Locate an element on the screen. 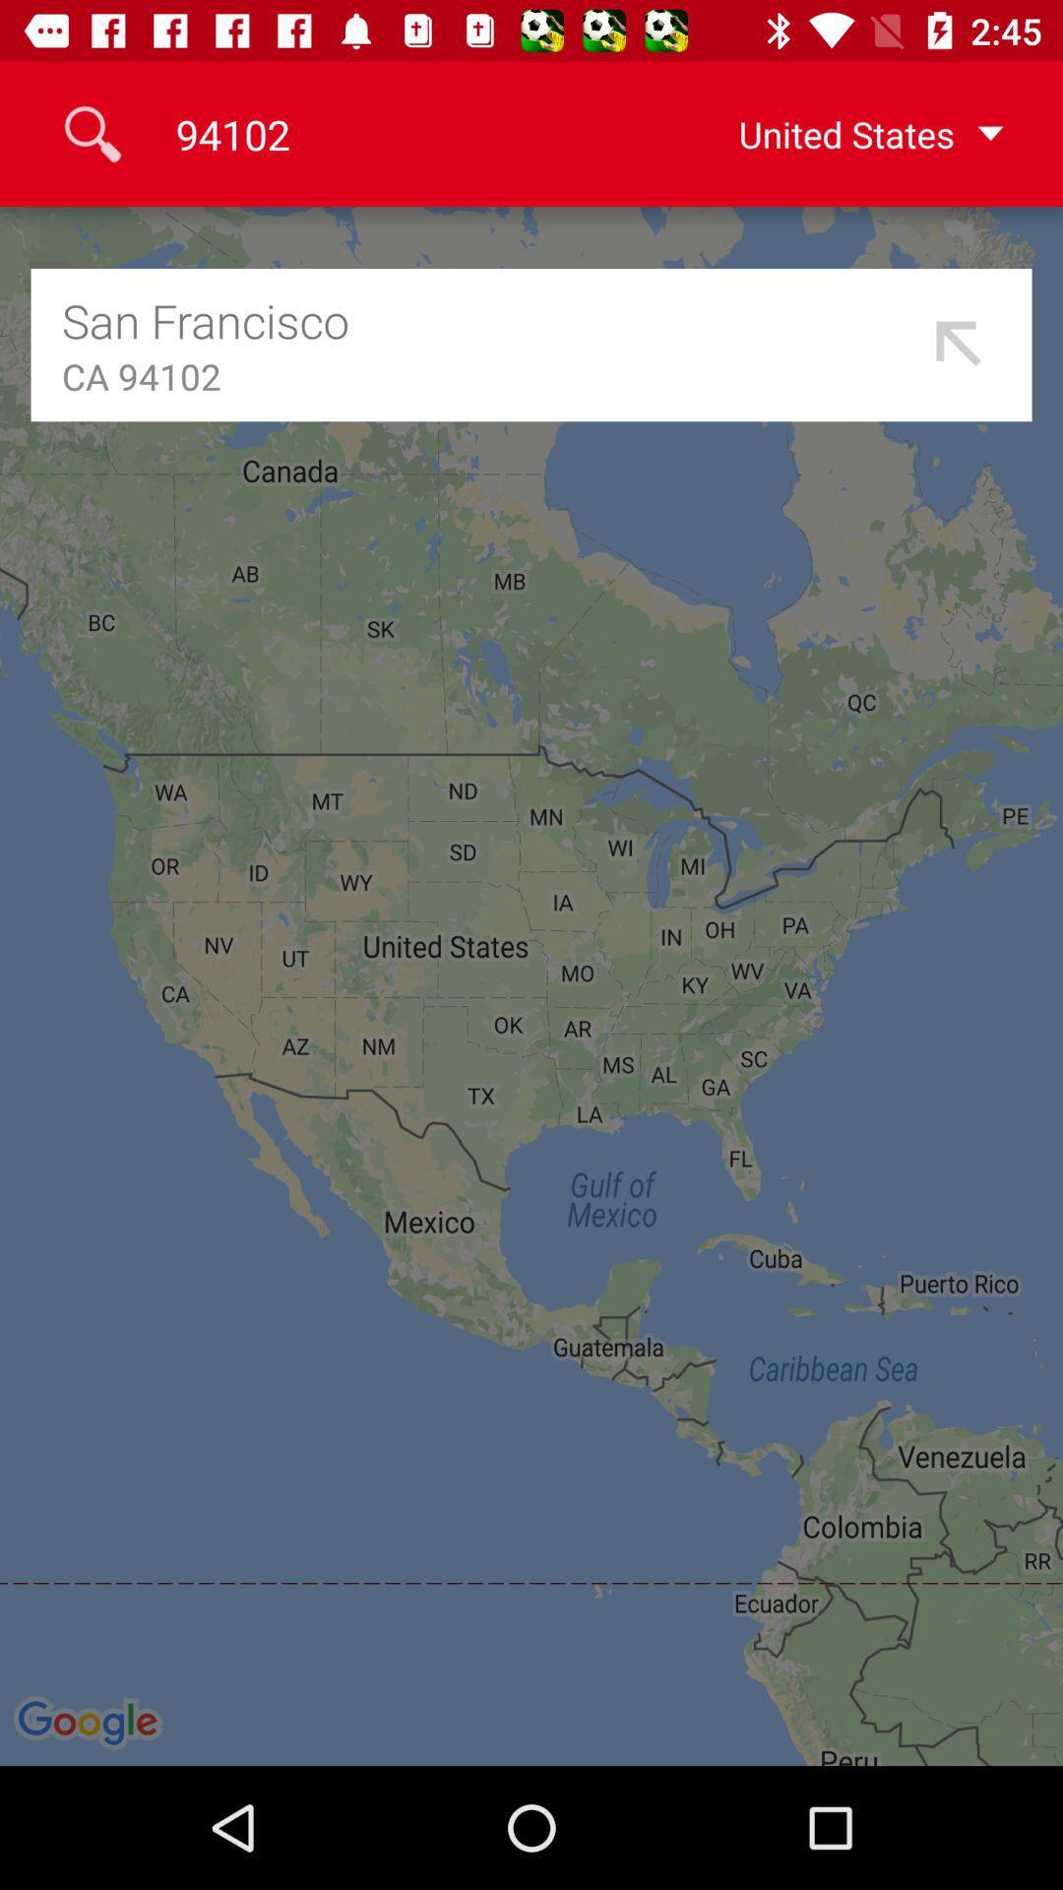  the item below united states is located at coordinates (959, 345).